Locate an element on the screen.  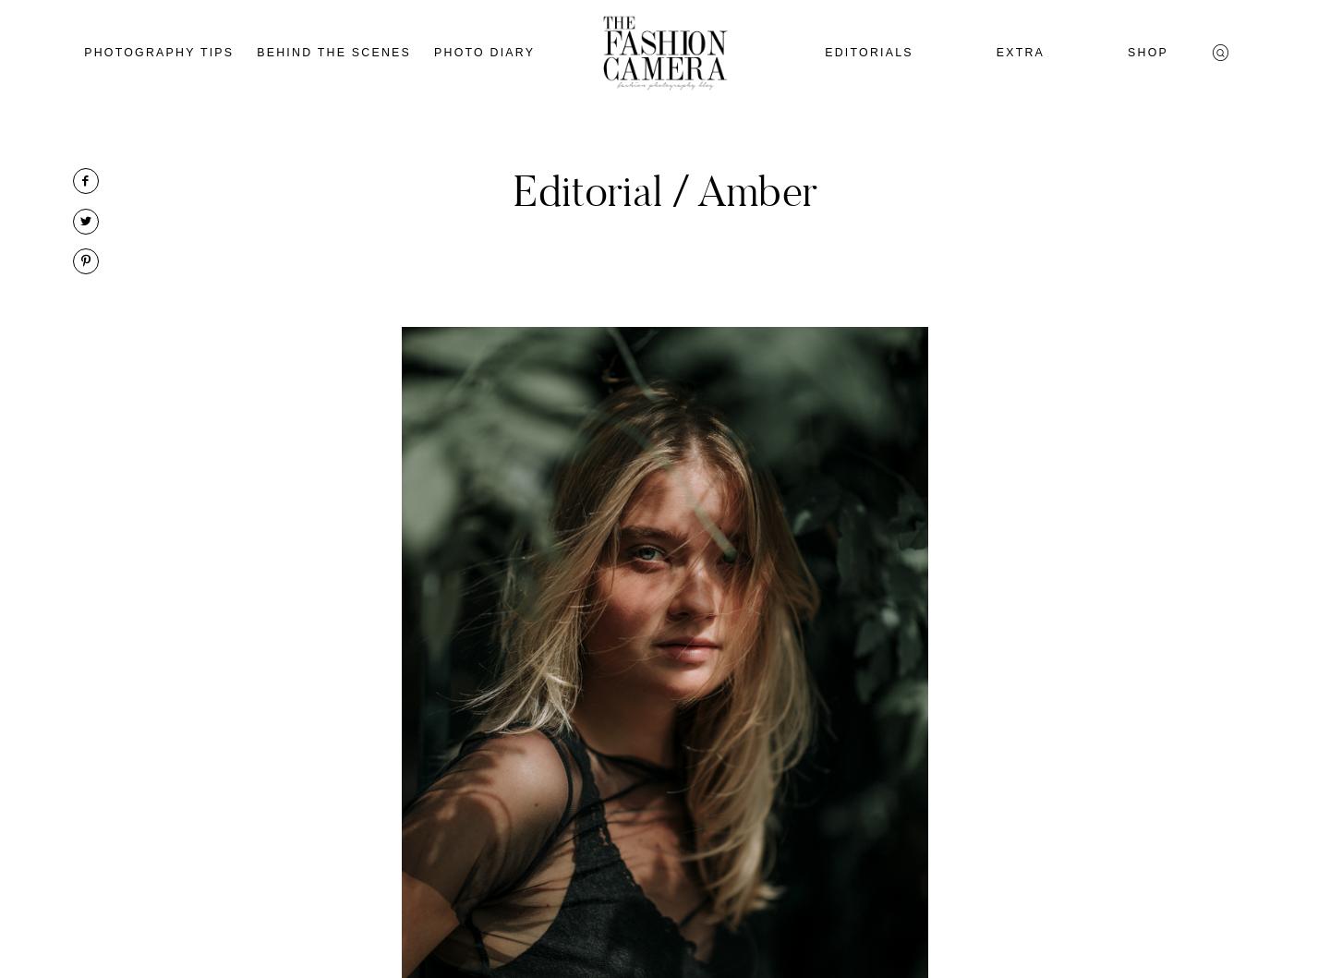
'Algemene Voorwaarden' is located at coordinates (1207, 355).